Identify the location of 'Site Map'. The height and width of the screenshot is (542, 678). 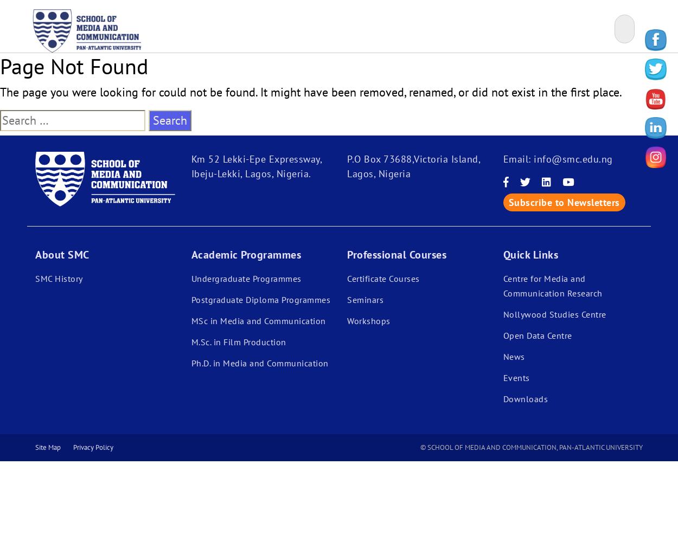
(35, 447).